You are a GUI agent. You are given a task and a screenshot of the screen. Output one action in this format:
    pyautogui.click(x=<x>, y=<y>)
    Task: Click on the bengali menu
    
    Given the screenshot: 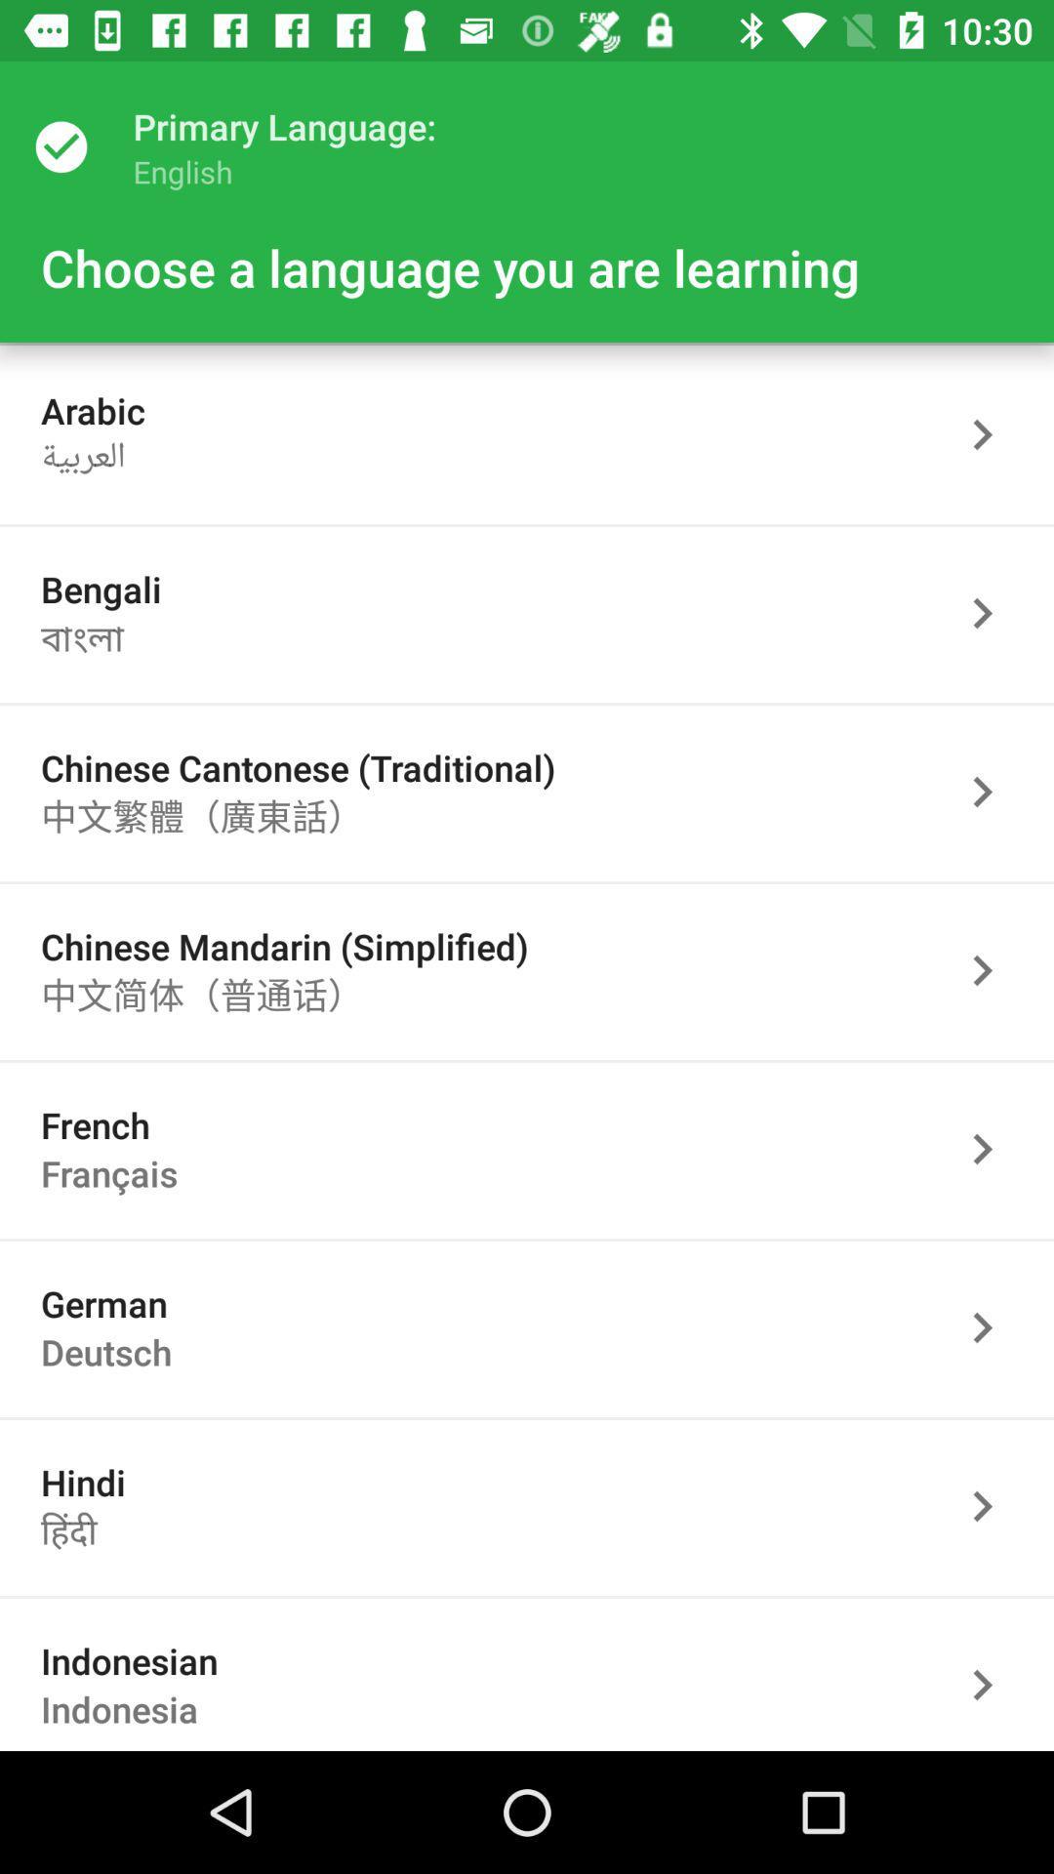 What is the action you would take?
    pyautogui.click(x=993, y=612)
    